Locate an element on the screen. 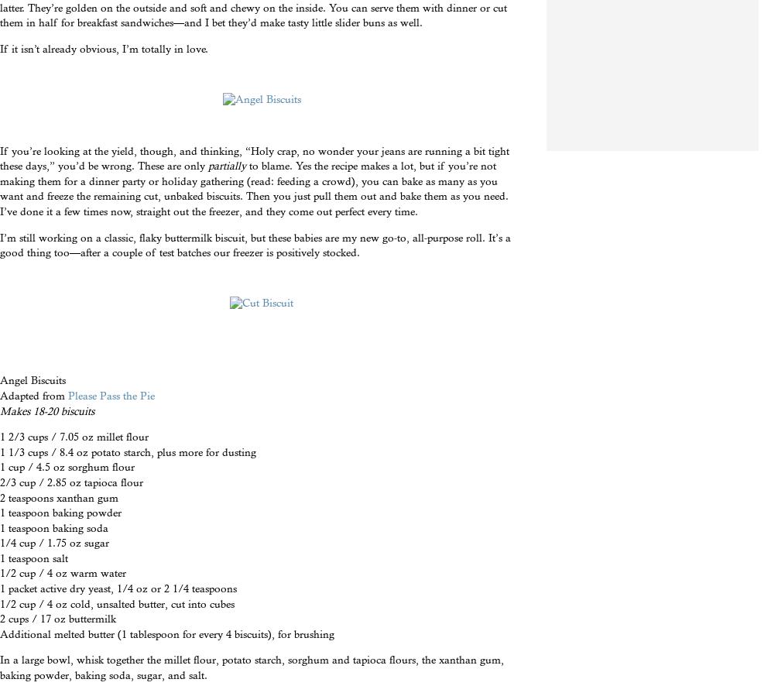  '1 cup / 4.5 oz sorghum flour' is located at coordinates (67, 465).